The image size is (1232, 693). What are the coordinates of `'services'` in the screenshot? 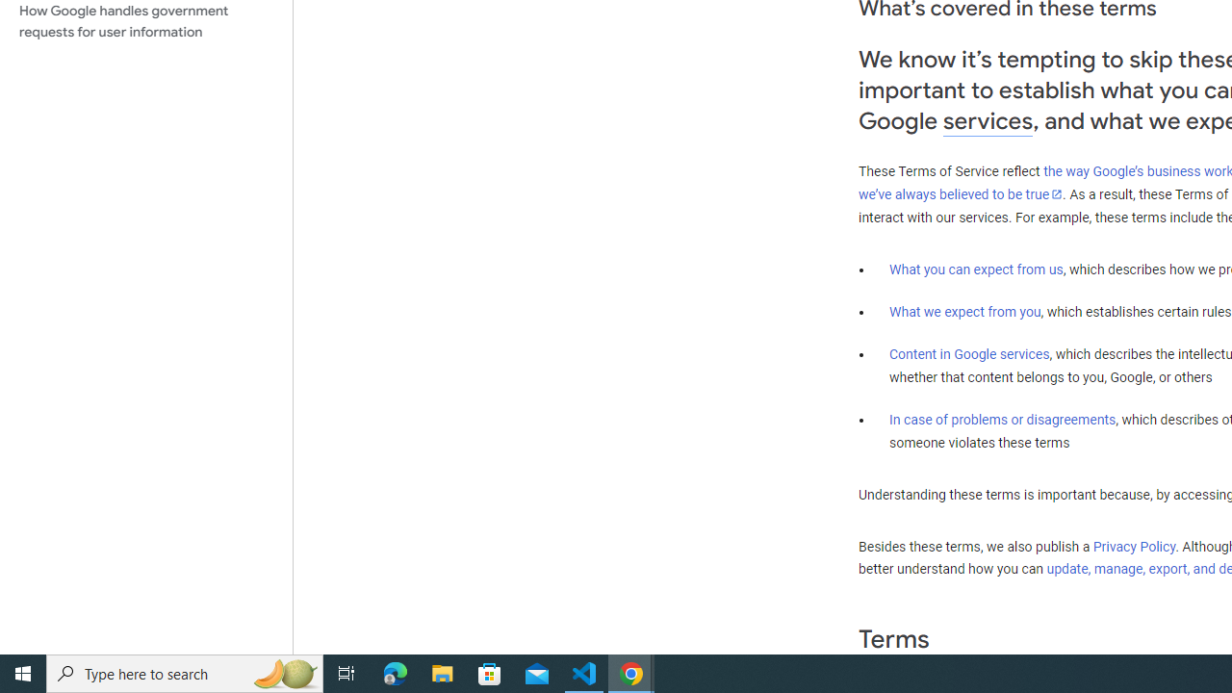 It's located at (988, 120).